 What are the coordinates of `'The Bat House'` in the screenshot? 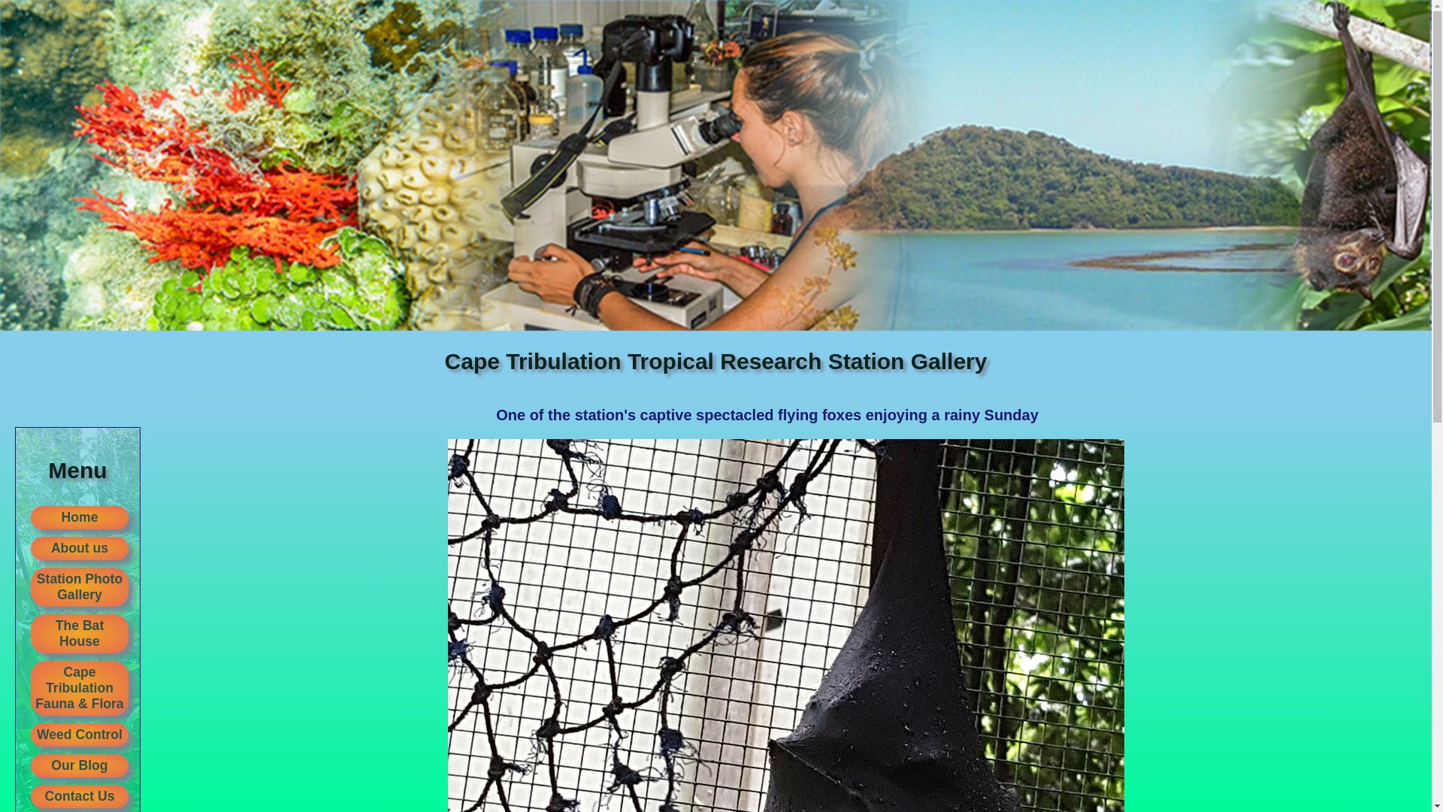 It's located at (78, 634).